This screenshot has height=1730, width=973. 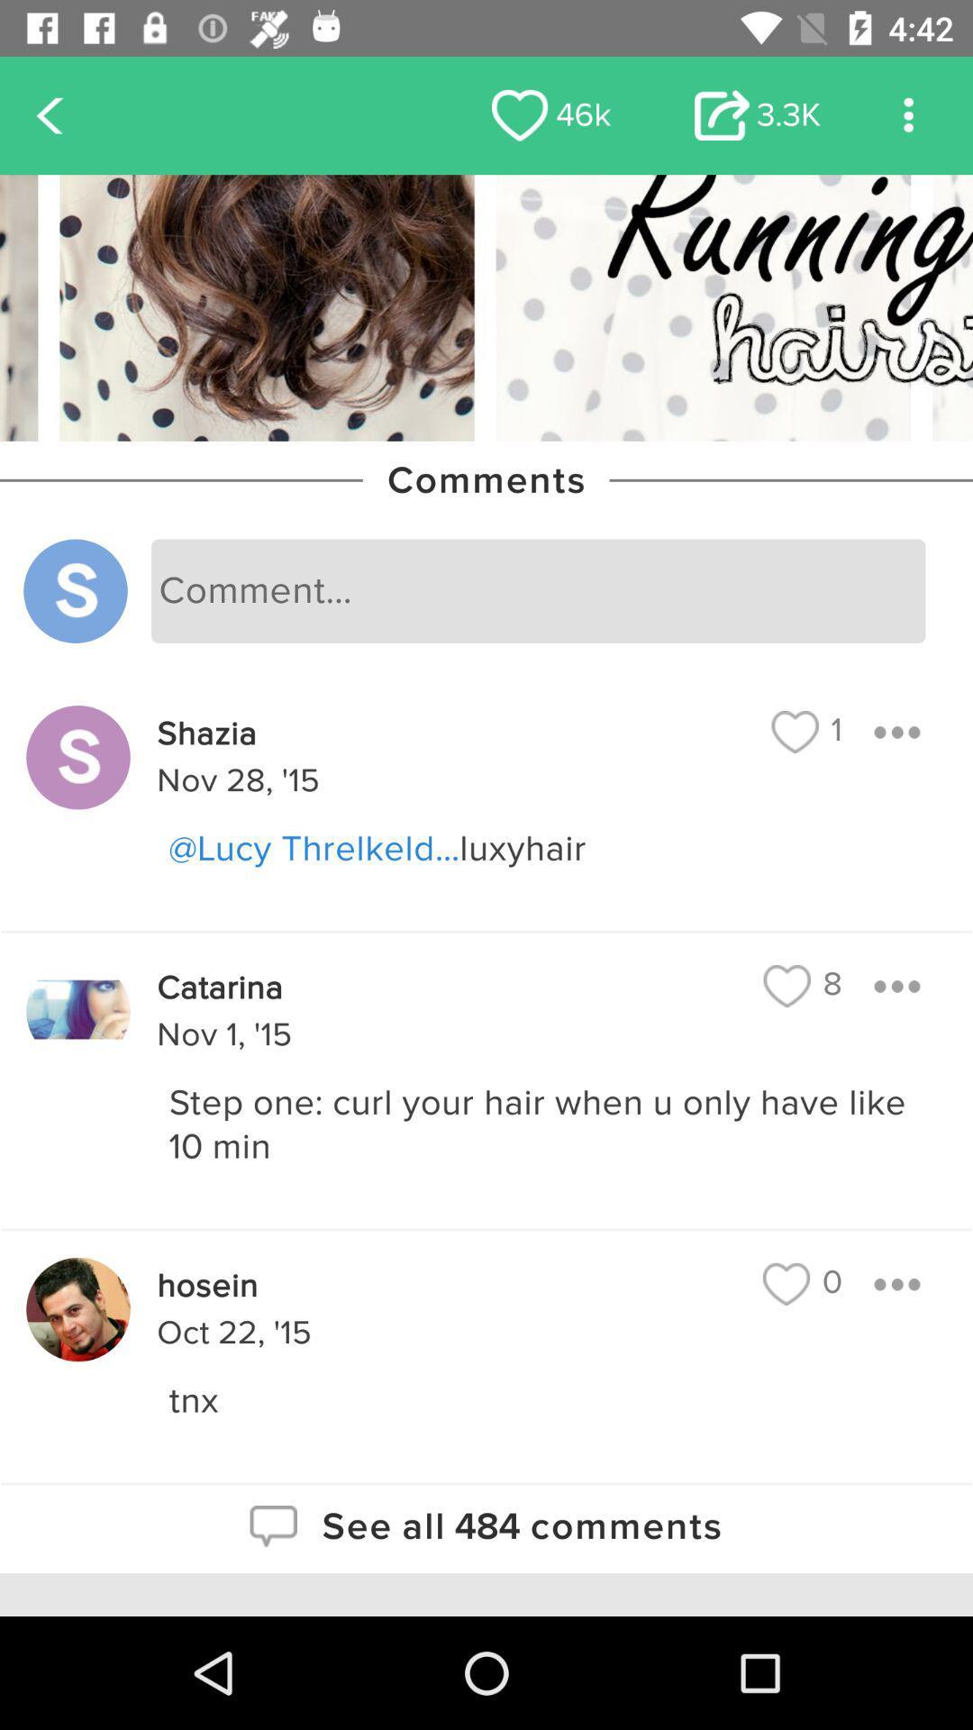 What do you see at coordinates (908, 114) in the screenshot?
I see `autoplay option` at bounding box center [908, 114].